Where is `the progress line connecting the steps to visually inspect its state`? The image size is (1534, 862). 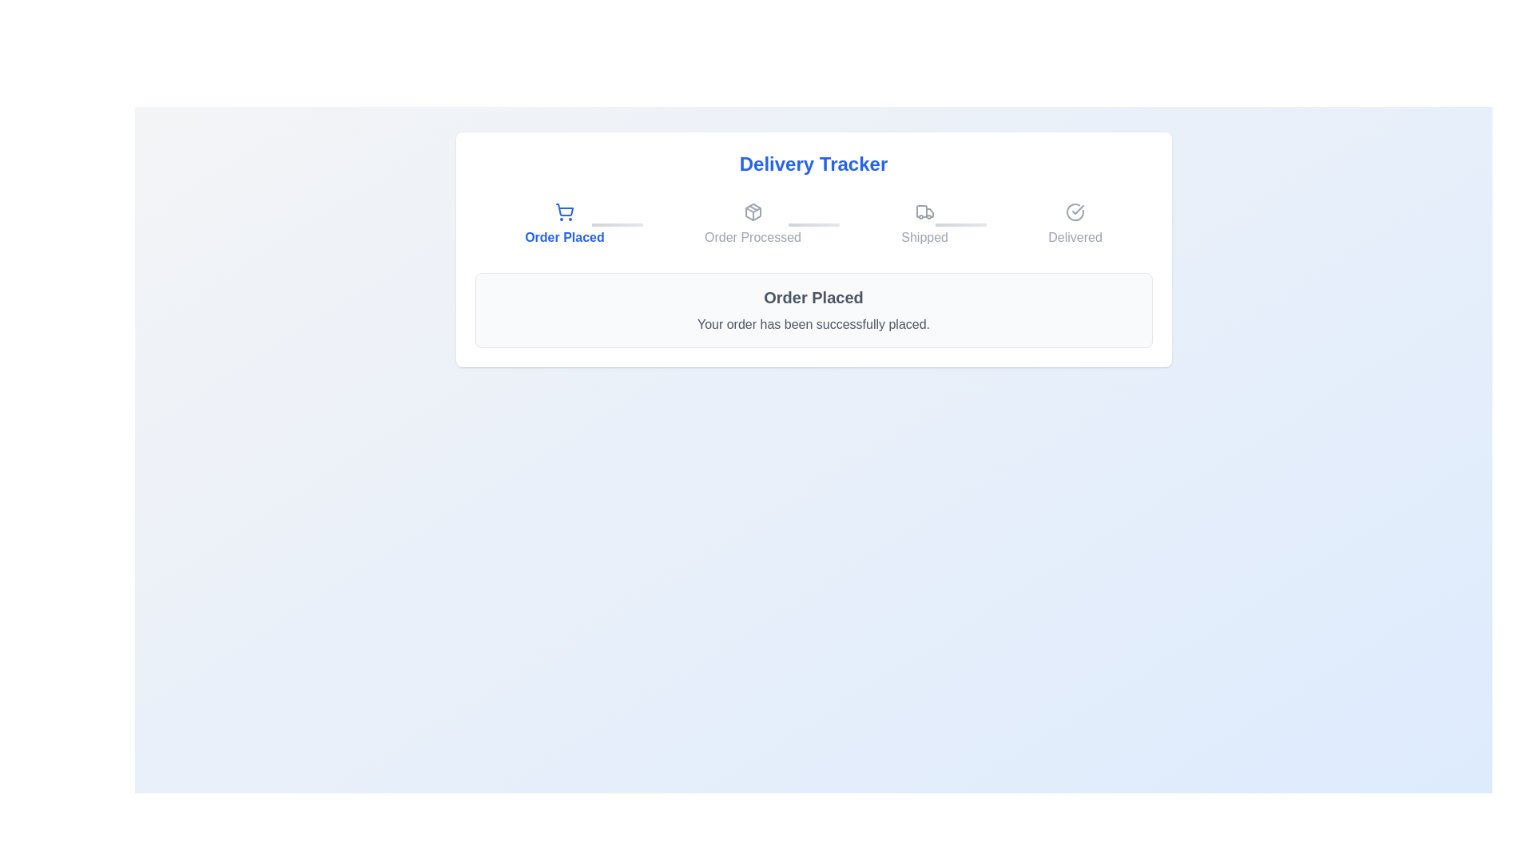
the progress line connecting the steps to visually inspect its state is located at coordinates (813, 224).